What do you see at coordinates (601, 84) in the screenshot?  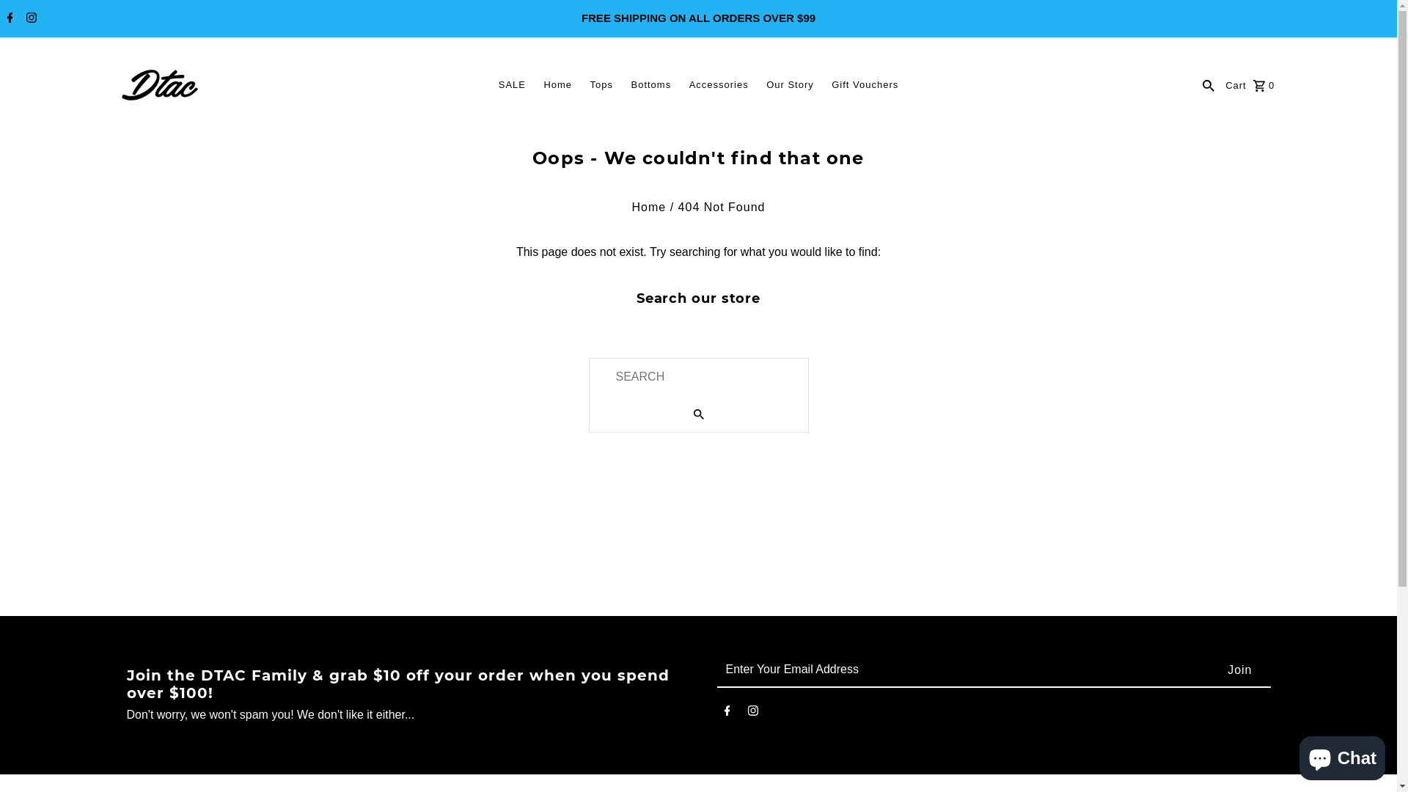 I see `'Tops'` at bounding box center [601, 84].